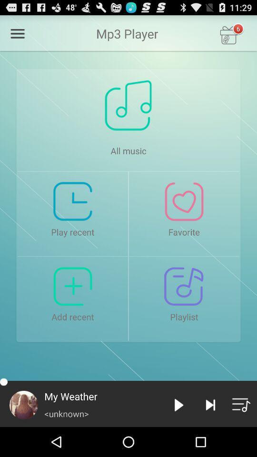 Image resolution: width=257 pixels, height=457 pixels. I want to click on the skip_next icon, so click(210, 433).